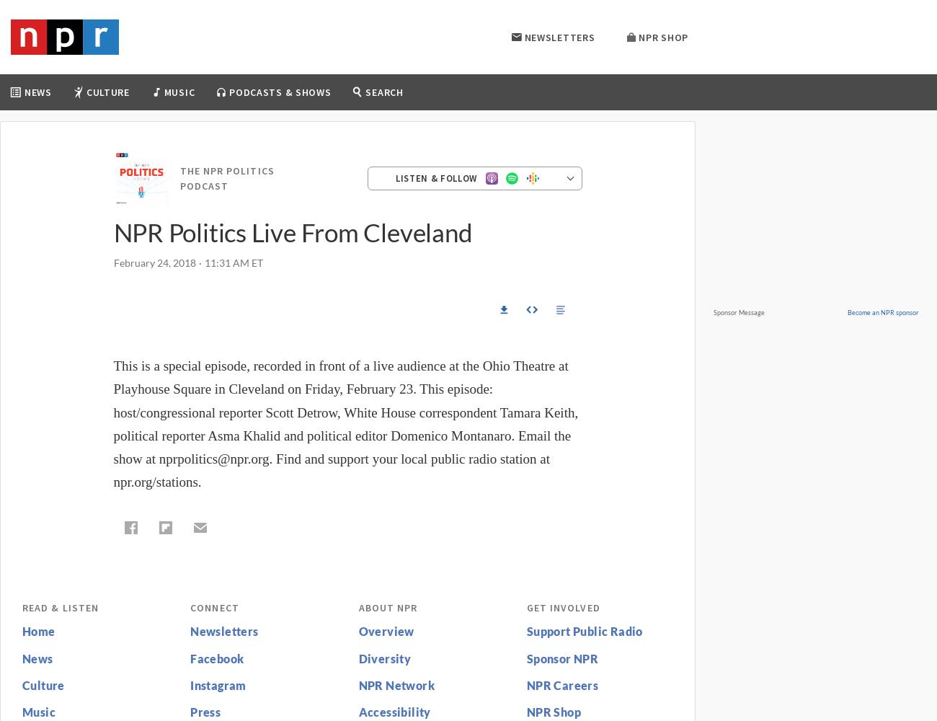 The image size is (937, 721). What do you see at coordinates (223, 171) in the screenshot?
I see `'All Songs Considered'` at bounding box center [223, 171].